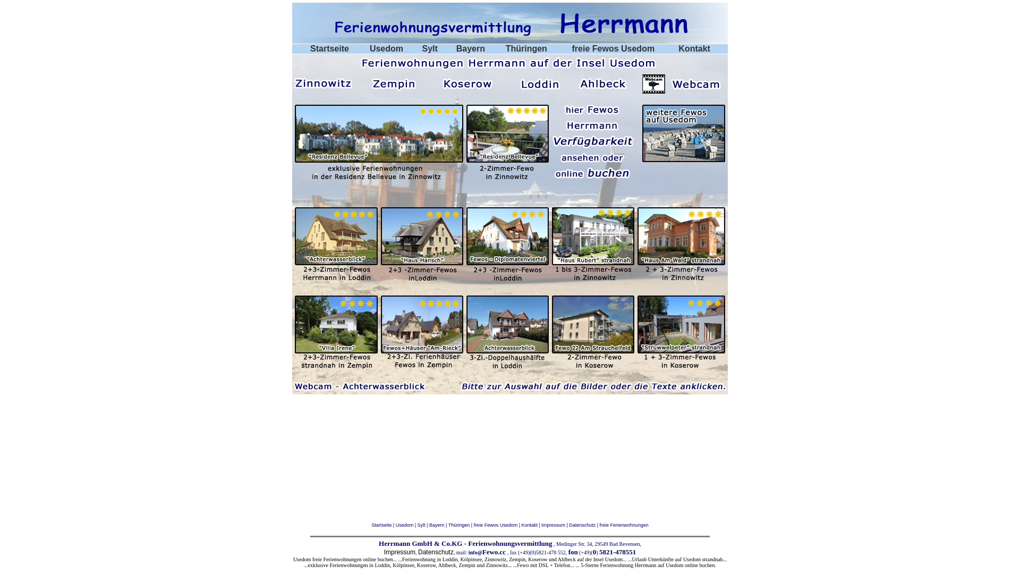 The width and height of the screenshot is (1020, 574). I want to click on 'Datenschutz', so click(418, 551).